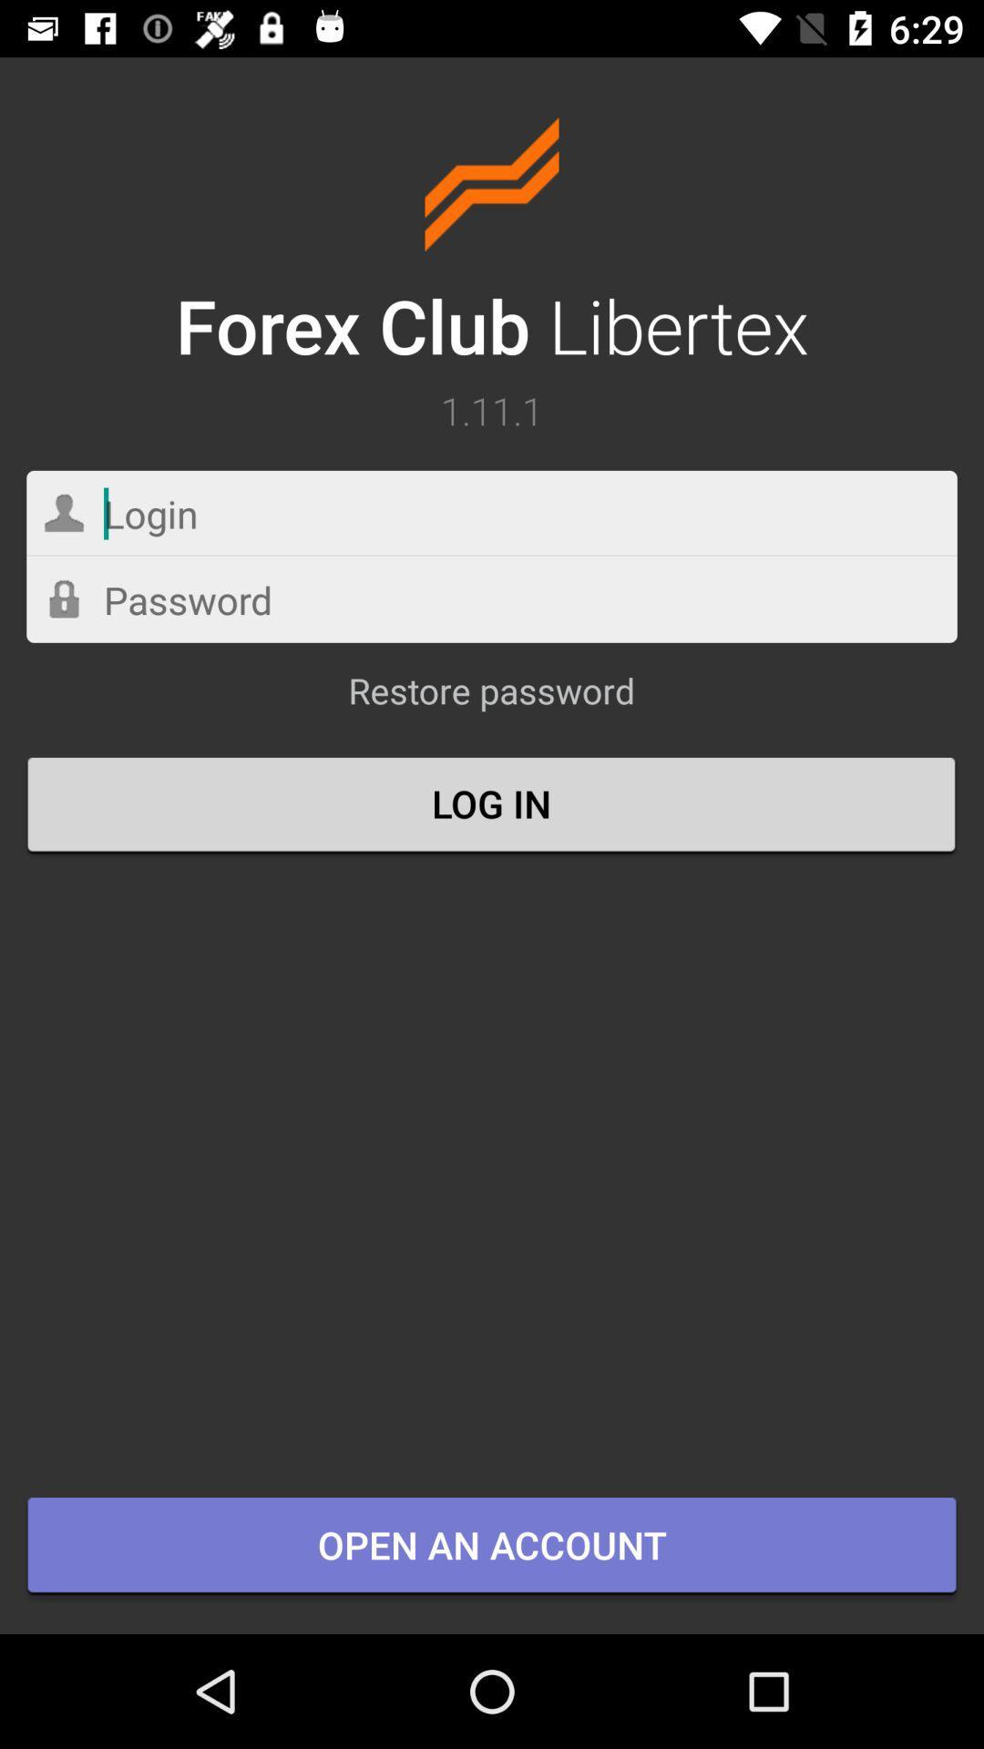 Image resolution: width=984 pixels, height=1749 pixels. What do you see at coordinates (492, 245) in the screenshot?
I see `the forex club libertex icon` at bounding box center [492, 245].